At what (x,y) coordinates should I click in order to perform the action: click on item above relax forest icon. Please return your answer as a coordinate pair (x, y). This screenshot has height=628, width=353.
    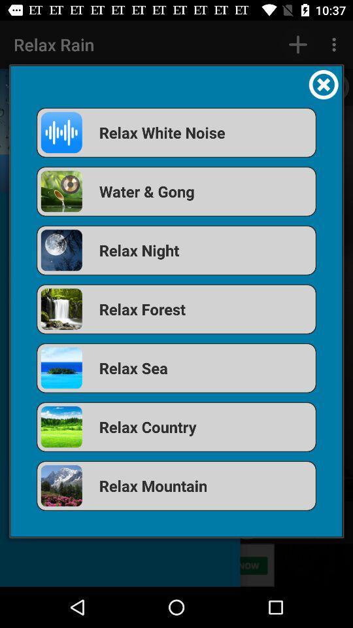
    Looking at the image, I should click on (176, 249).